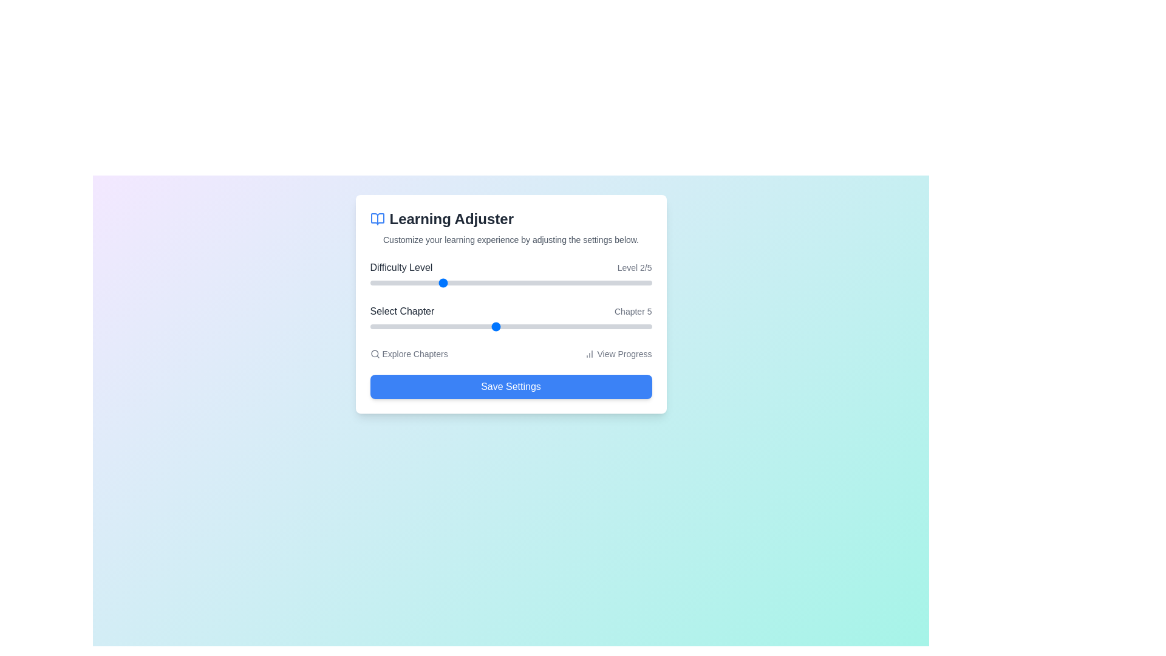 The image size is (1166, 656). Describe the element at coordinates (374, 354) in the screenshot. I see `the search icon, which is a minimalist outline magnifying glass located within the 'Explore Chapters' button, to trigger a tooltip or visual feedback` at that location.